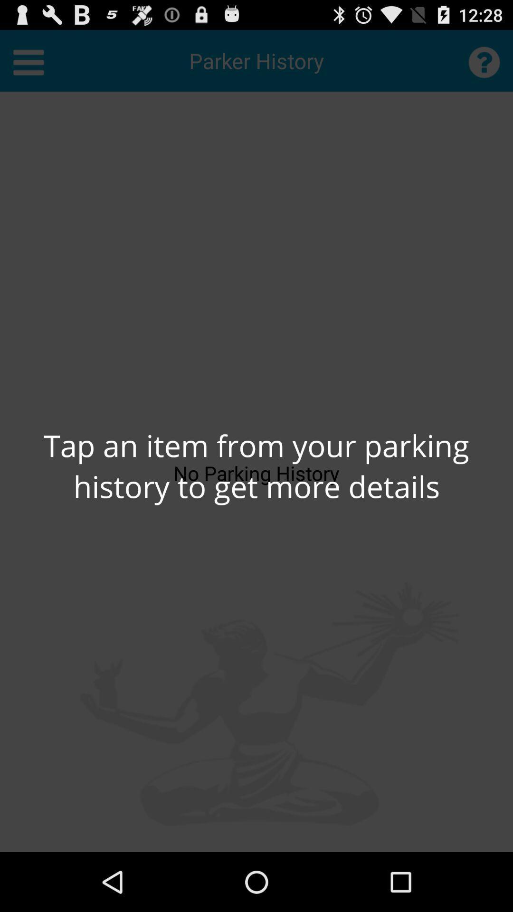 The width and height of the screenshot is (513, 912). What do you see at coordinates (484, 66) in the screenshot?
I see `the help icon` at bounding box center [484, 66].